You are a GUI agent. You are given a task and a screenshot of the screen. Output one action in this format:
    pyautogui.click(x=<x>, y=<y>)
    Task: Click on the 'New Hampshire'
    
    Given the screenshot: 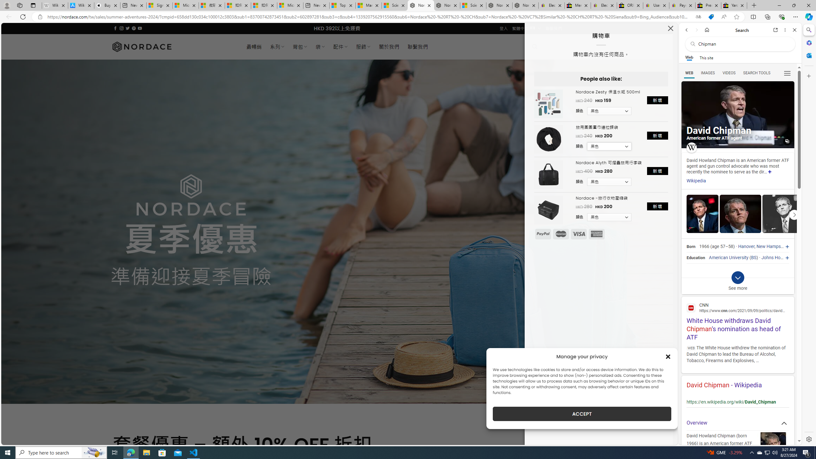 What is the action you would take?
    pyautogui.click(x=772, y=246)
    